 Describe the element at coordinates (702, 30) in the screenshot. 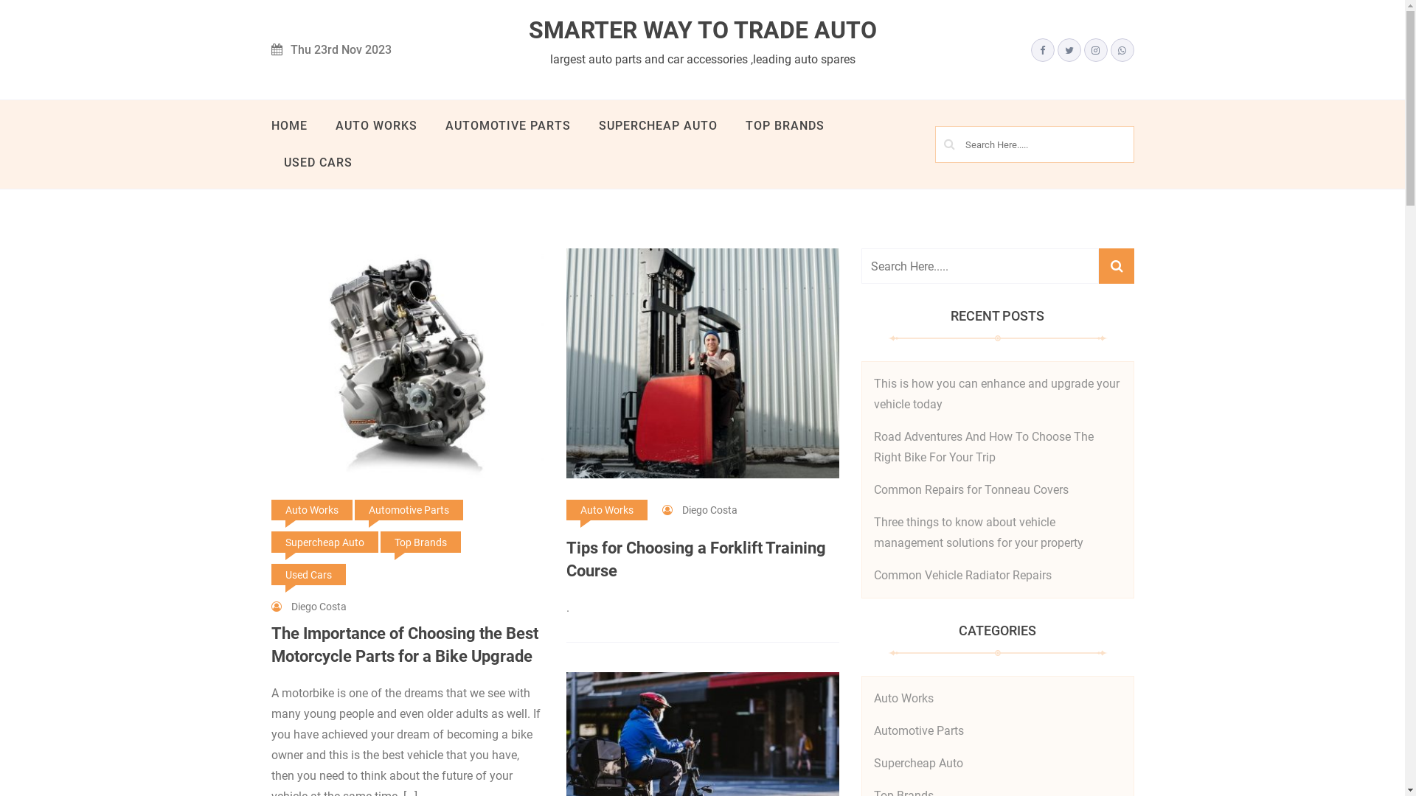

I see `'SMARTER WAY TO TRADE AUTO'` at that location.